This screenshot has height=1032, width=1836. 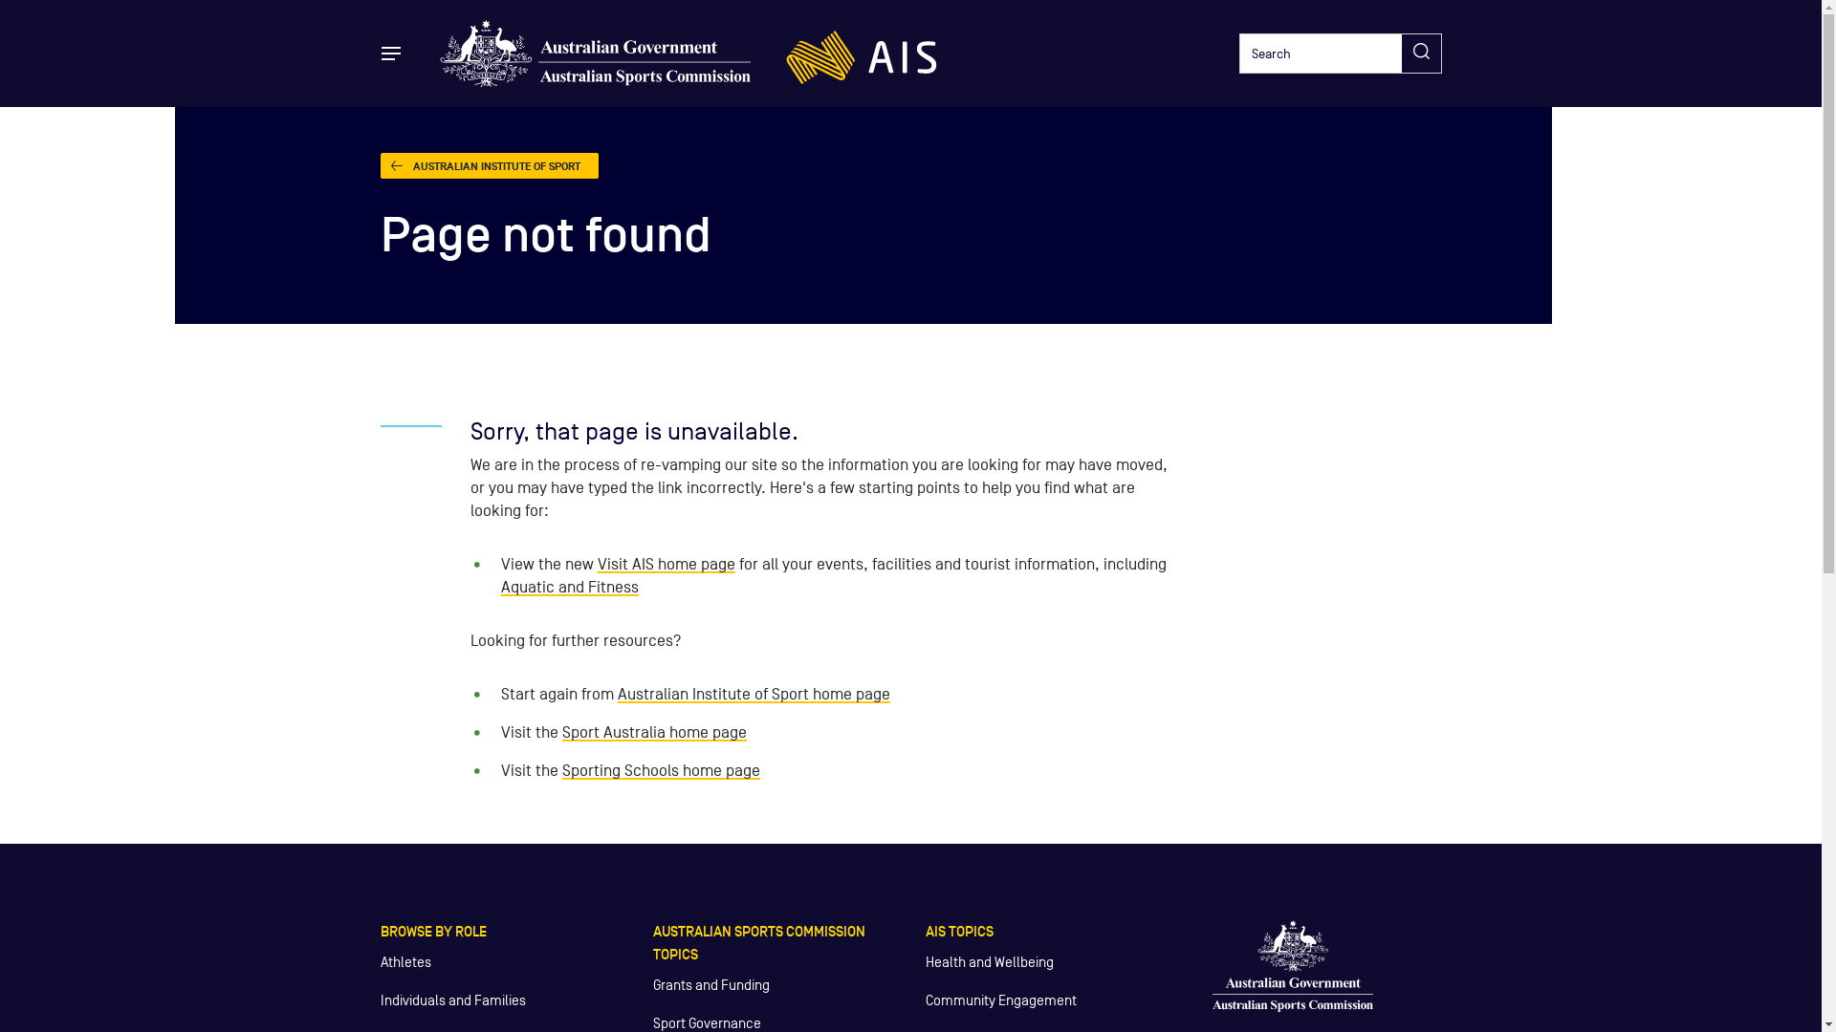 What do you see at coordinates (990, 961) in the screenshot?
I see `'Health and Wellbeing'` at bounding box center [990, 961].